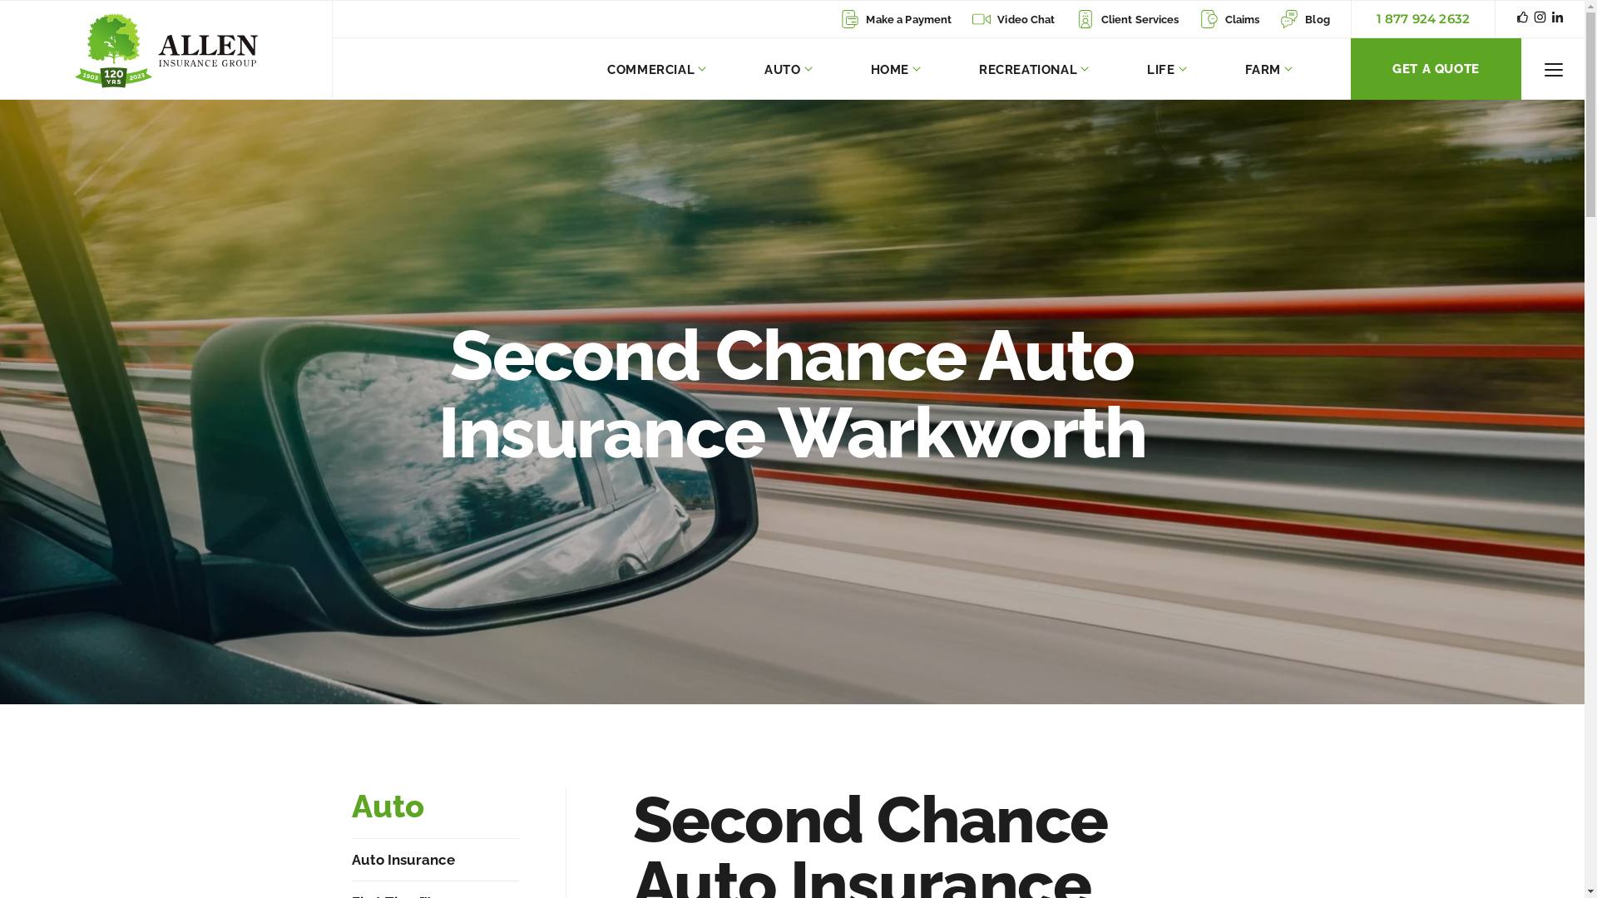 The width and height of the screenshot is (1597, 898). I want to click on '1 877 924 2632', so click(1377, 18).